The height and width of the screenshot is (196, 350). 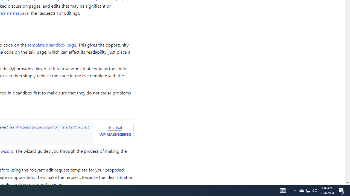 What do you see at coordinates (115, 134) in the screenshot?
I see `'WP:MAKINGEREQ'` at bounding box center [115, 134].